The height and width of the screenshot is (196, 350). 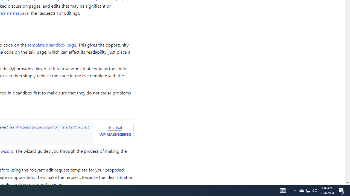 What do you see at coordinates (115, 134) in the screenshot?
I see `'WP:MAKINGEREQ'` at bounding box center [115, 134].